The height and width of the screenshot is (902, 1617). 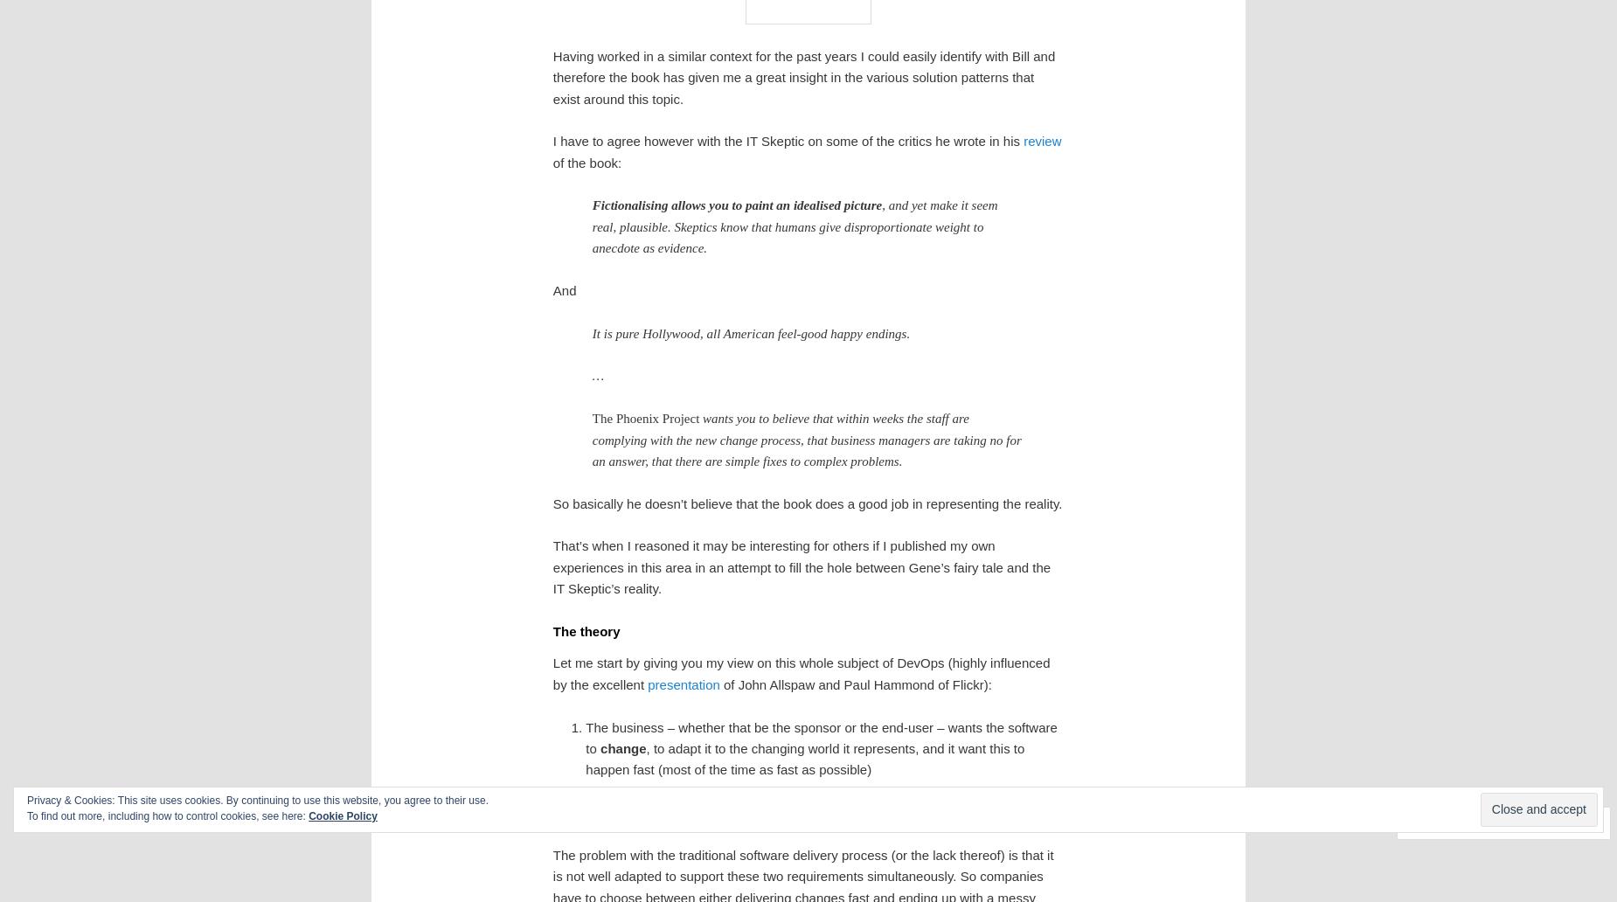 I want to click on 'The business – whether that be the sponsor or the end-user – wants the software to', so click(x=820, y=737).